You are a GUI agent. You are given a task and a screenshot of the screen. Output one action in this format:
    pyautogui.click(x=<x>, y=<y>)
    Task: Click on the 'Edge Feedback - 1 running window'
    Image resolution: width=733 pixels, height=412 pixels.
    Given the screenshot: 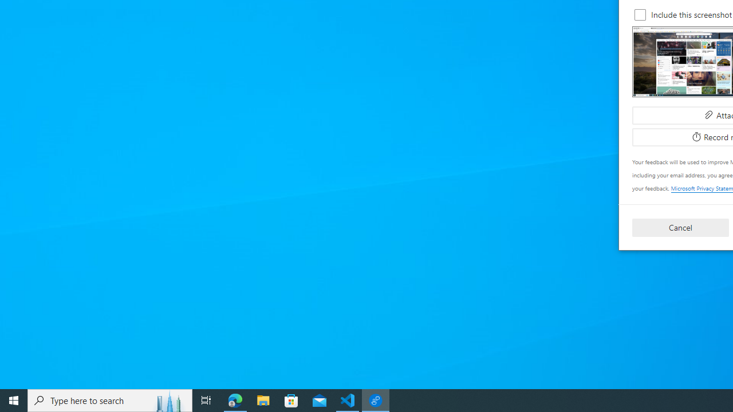 What is the action you would take?
    pyautogui.click(x=376, y=399)
    